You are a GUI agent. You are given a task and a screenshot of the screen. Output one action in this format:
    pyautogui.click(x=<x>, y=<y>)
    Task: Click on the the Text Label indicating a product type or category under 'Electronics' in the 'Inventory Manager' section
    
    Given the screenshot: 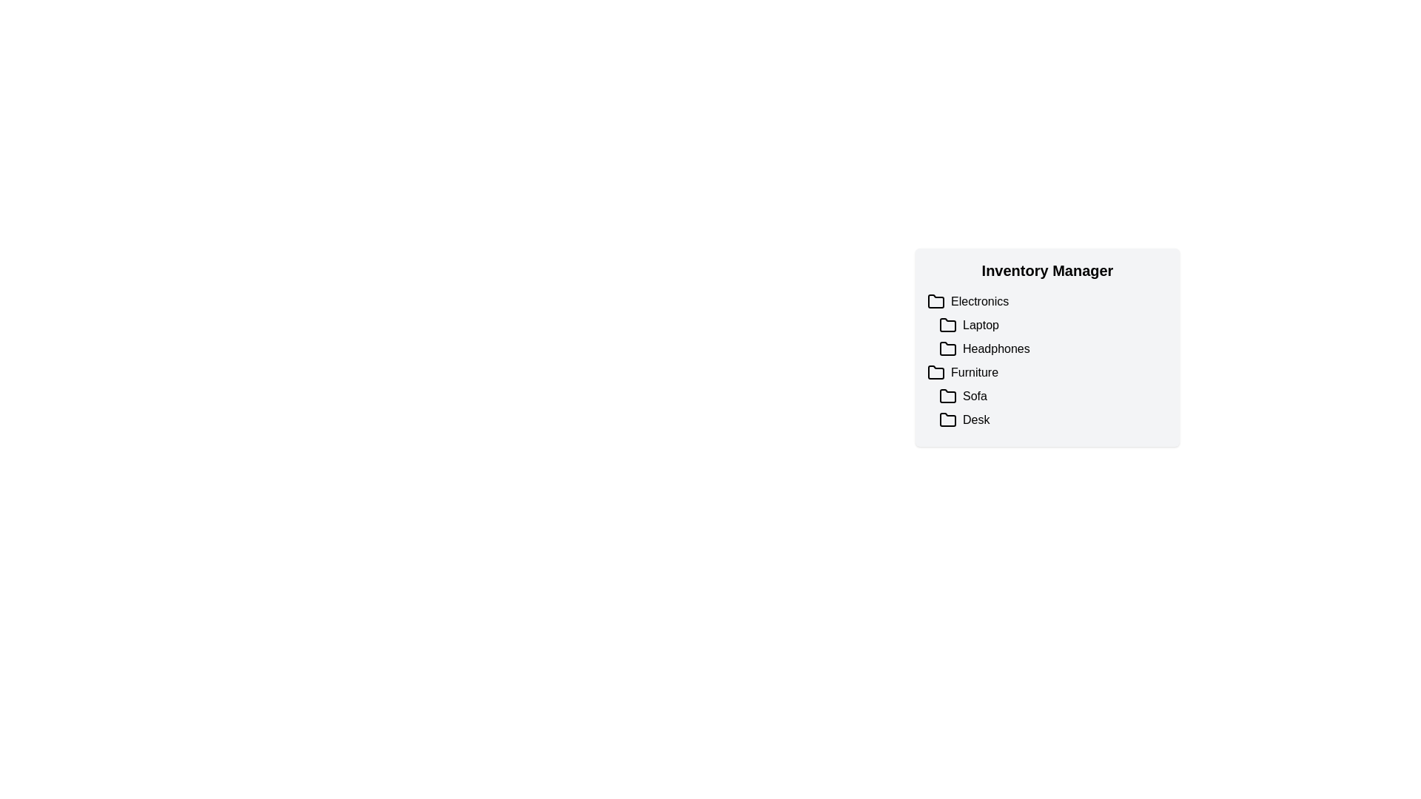 What is the action you would take?
    pyautogui.click(x=981, y=324)
    